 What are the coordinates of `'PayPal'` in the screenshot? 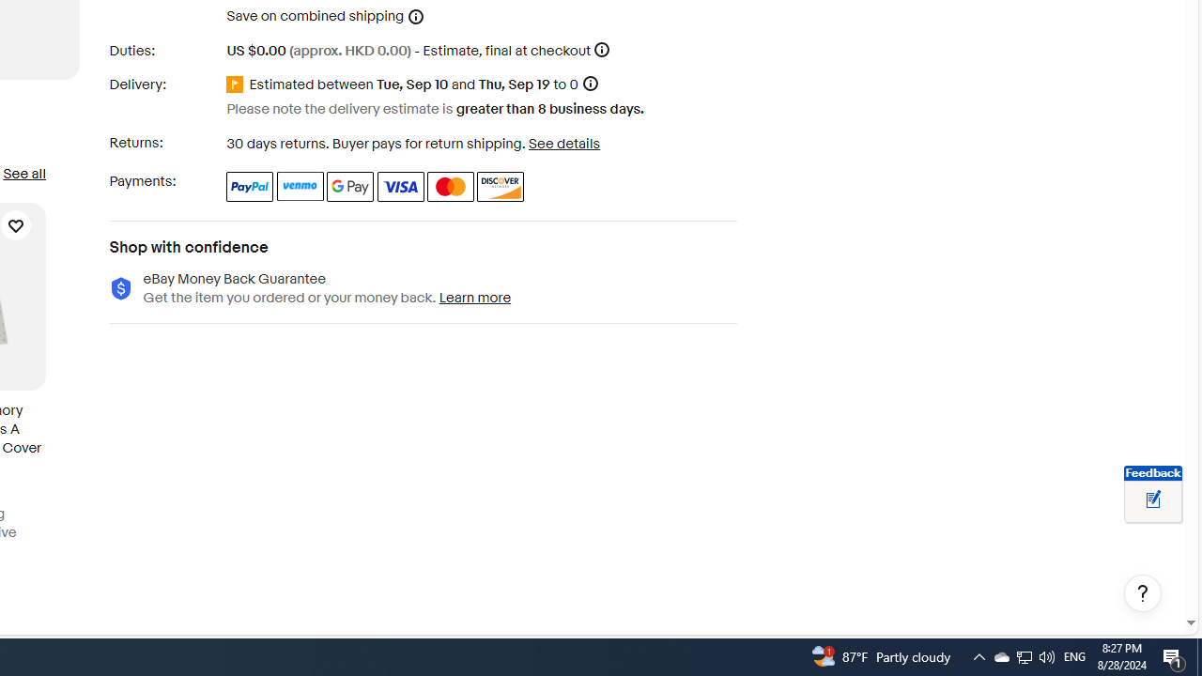 It's located at (249, 186).